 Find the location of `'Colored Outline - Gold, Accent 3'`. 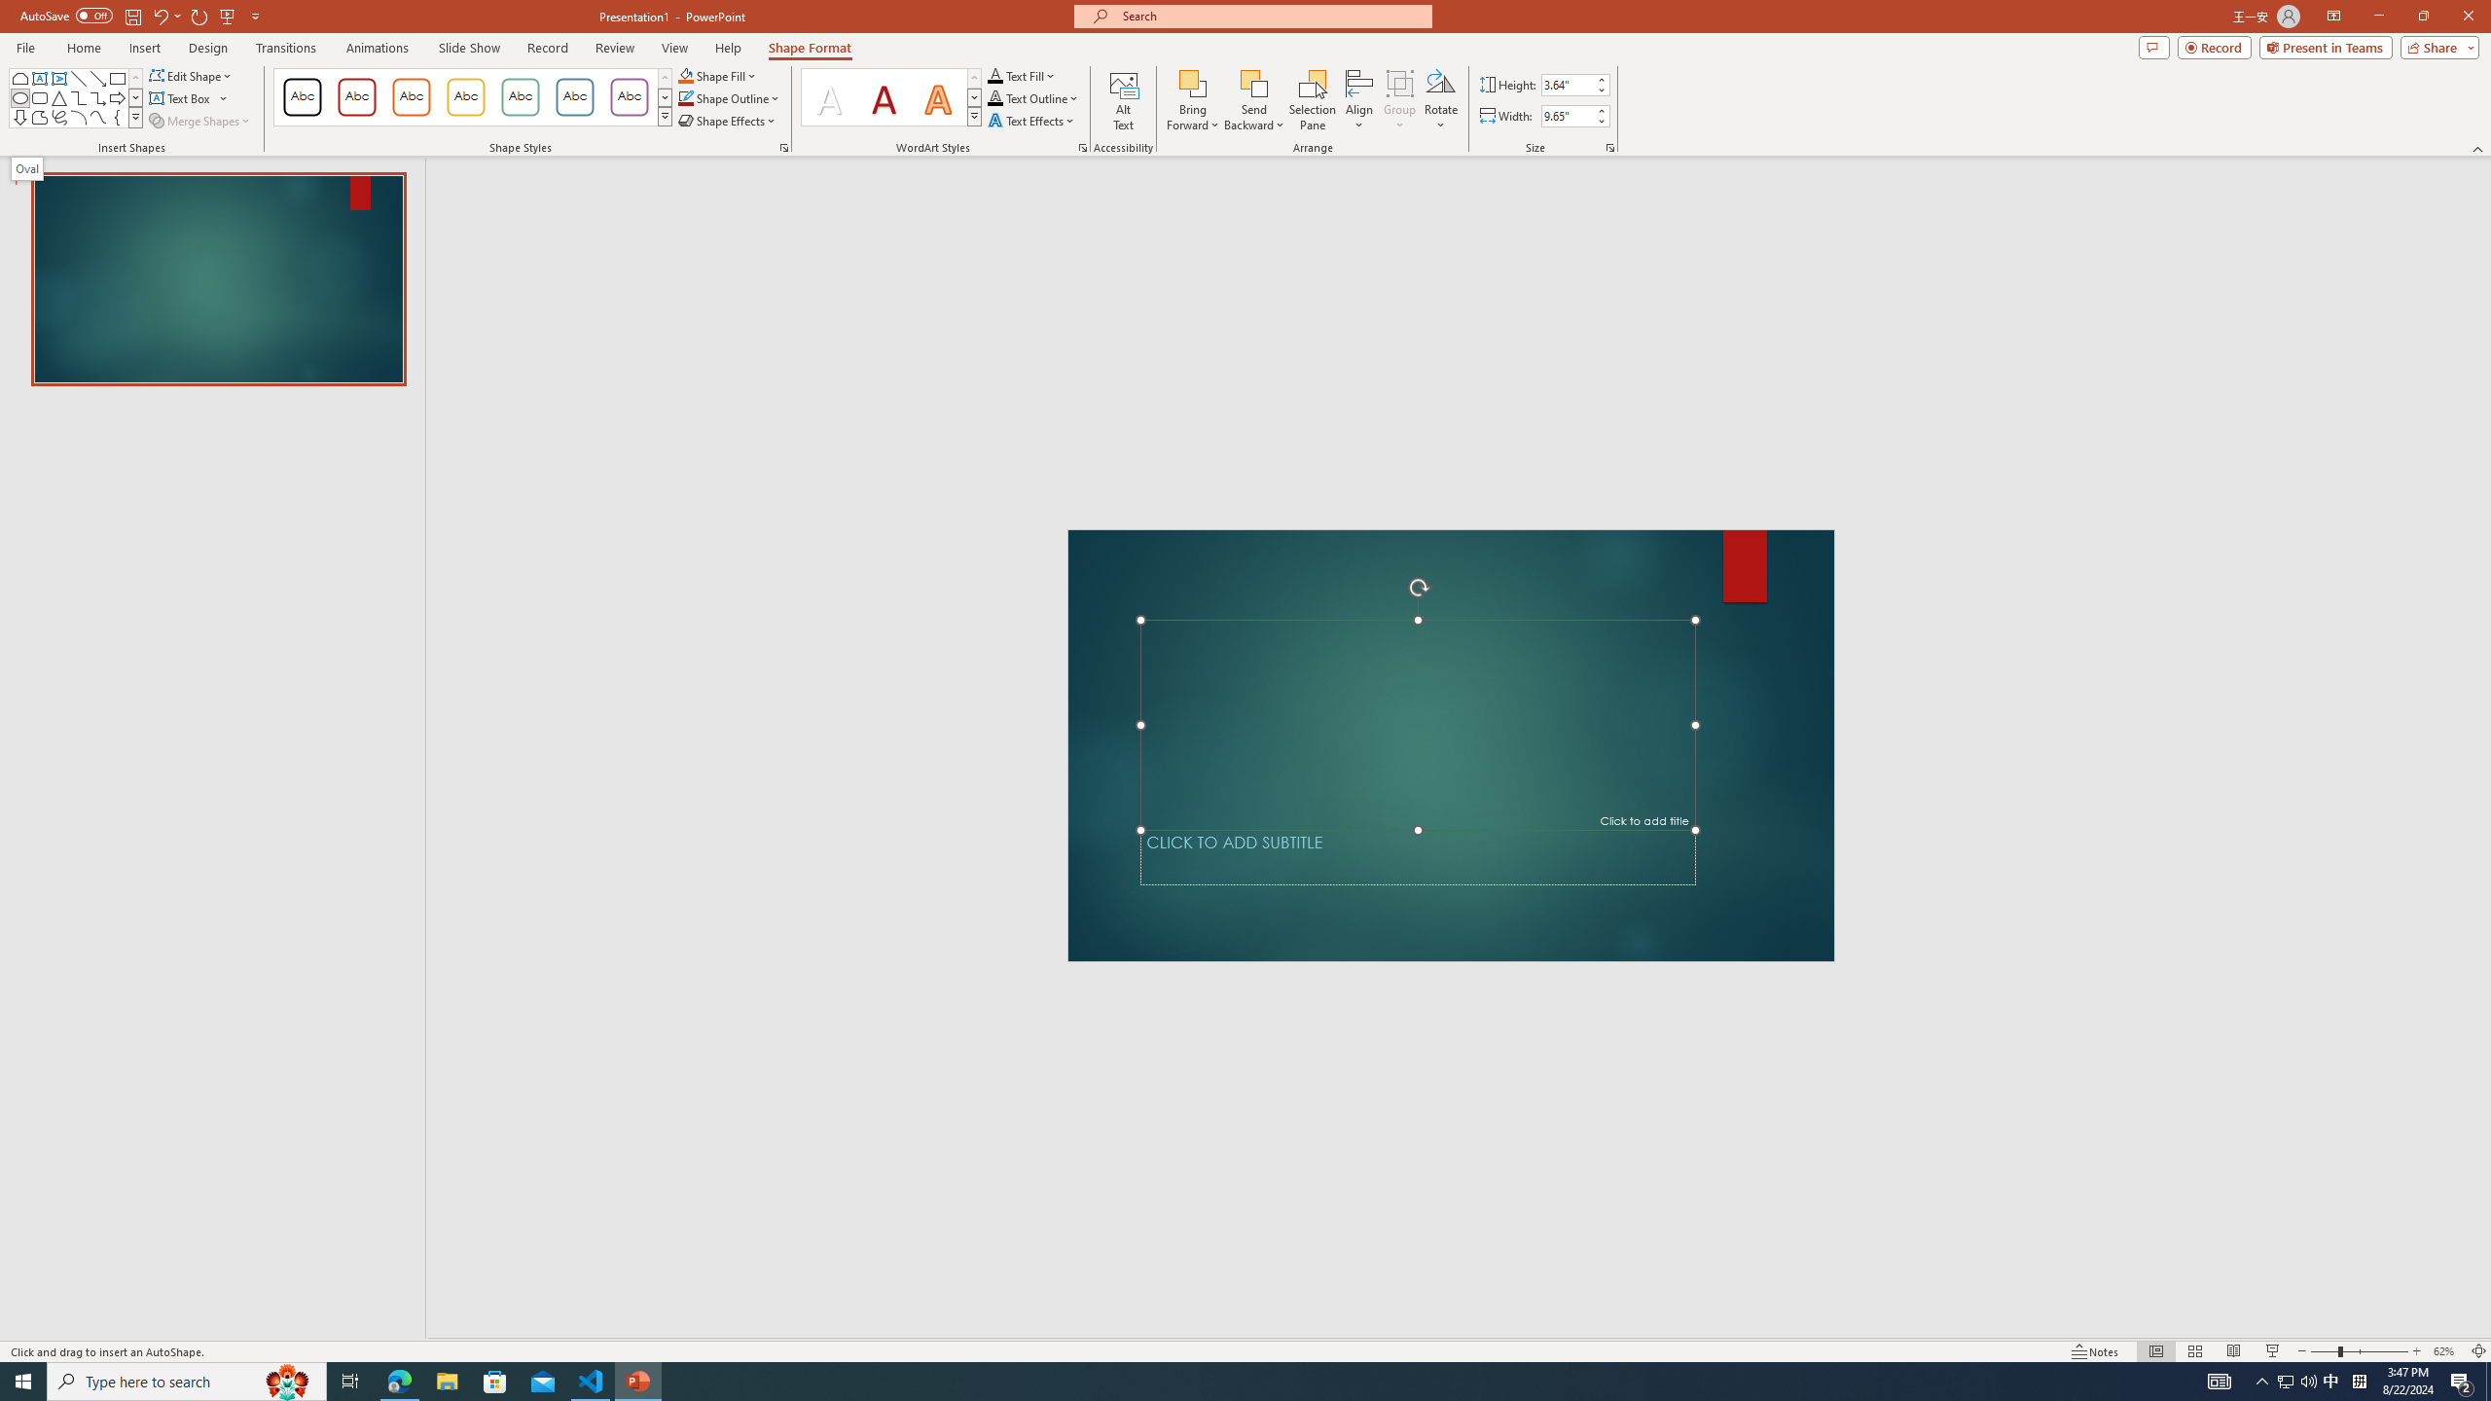

'Colored Outline - Gold, Accent 3' is located at coordinates (464, 96).